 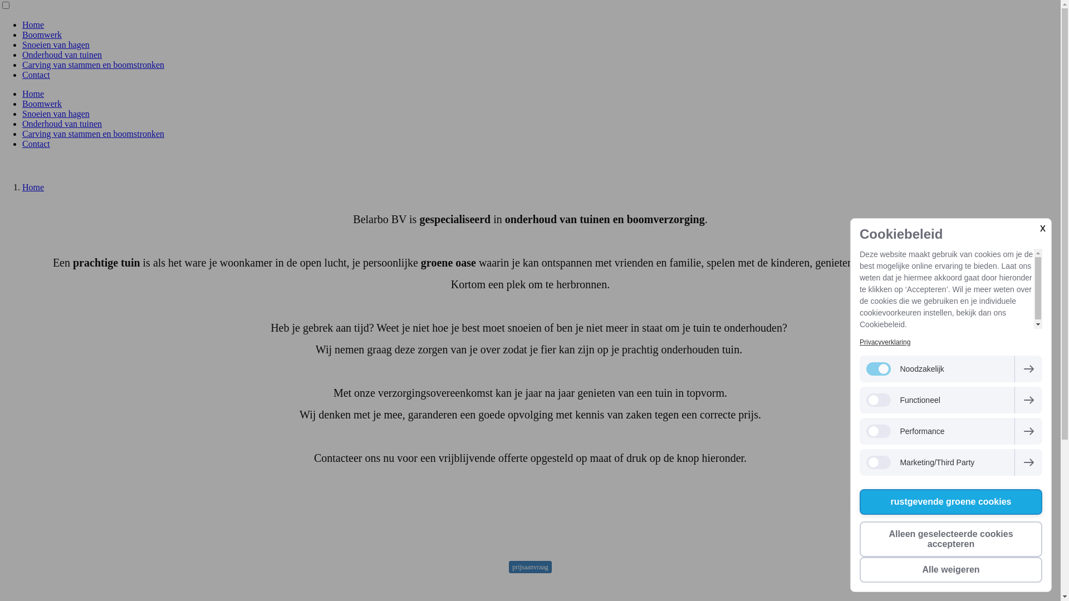 I want to click on 'Alleen geselecteerde cookies accepteren', so click(x=950, y=538).